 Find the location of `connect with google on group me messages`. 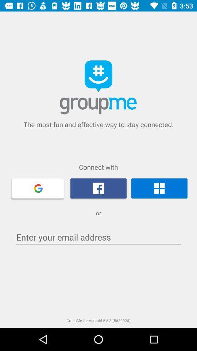

connect with google on group me messages is located at coordinates (38, 188).